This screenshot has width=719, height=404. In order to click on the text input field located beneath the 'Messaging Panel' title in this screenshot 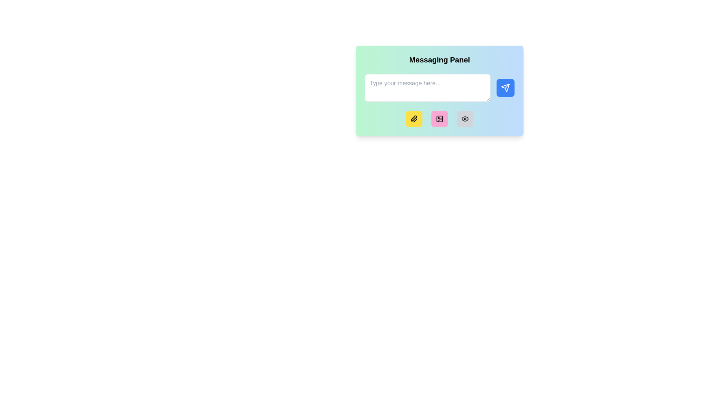, I will do `click(428, 88)`.